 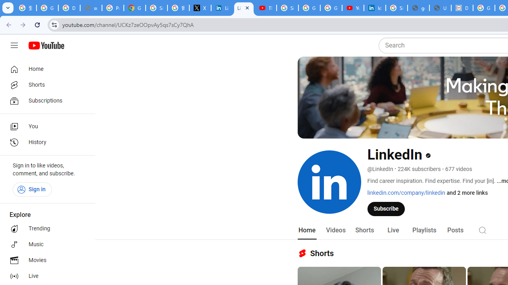 I want to click on 'X', so click(x=200, y=8).